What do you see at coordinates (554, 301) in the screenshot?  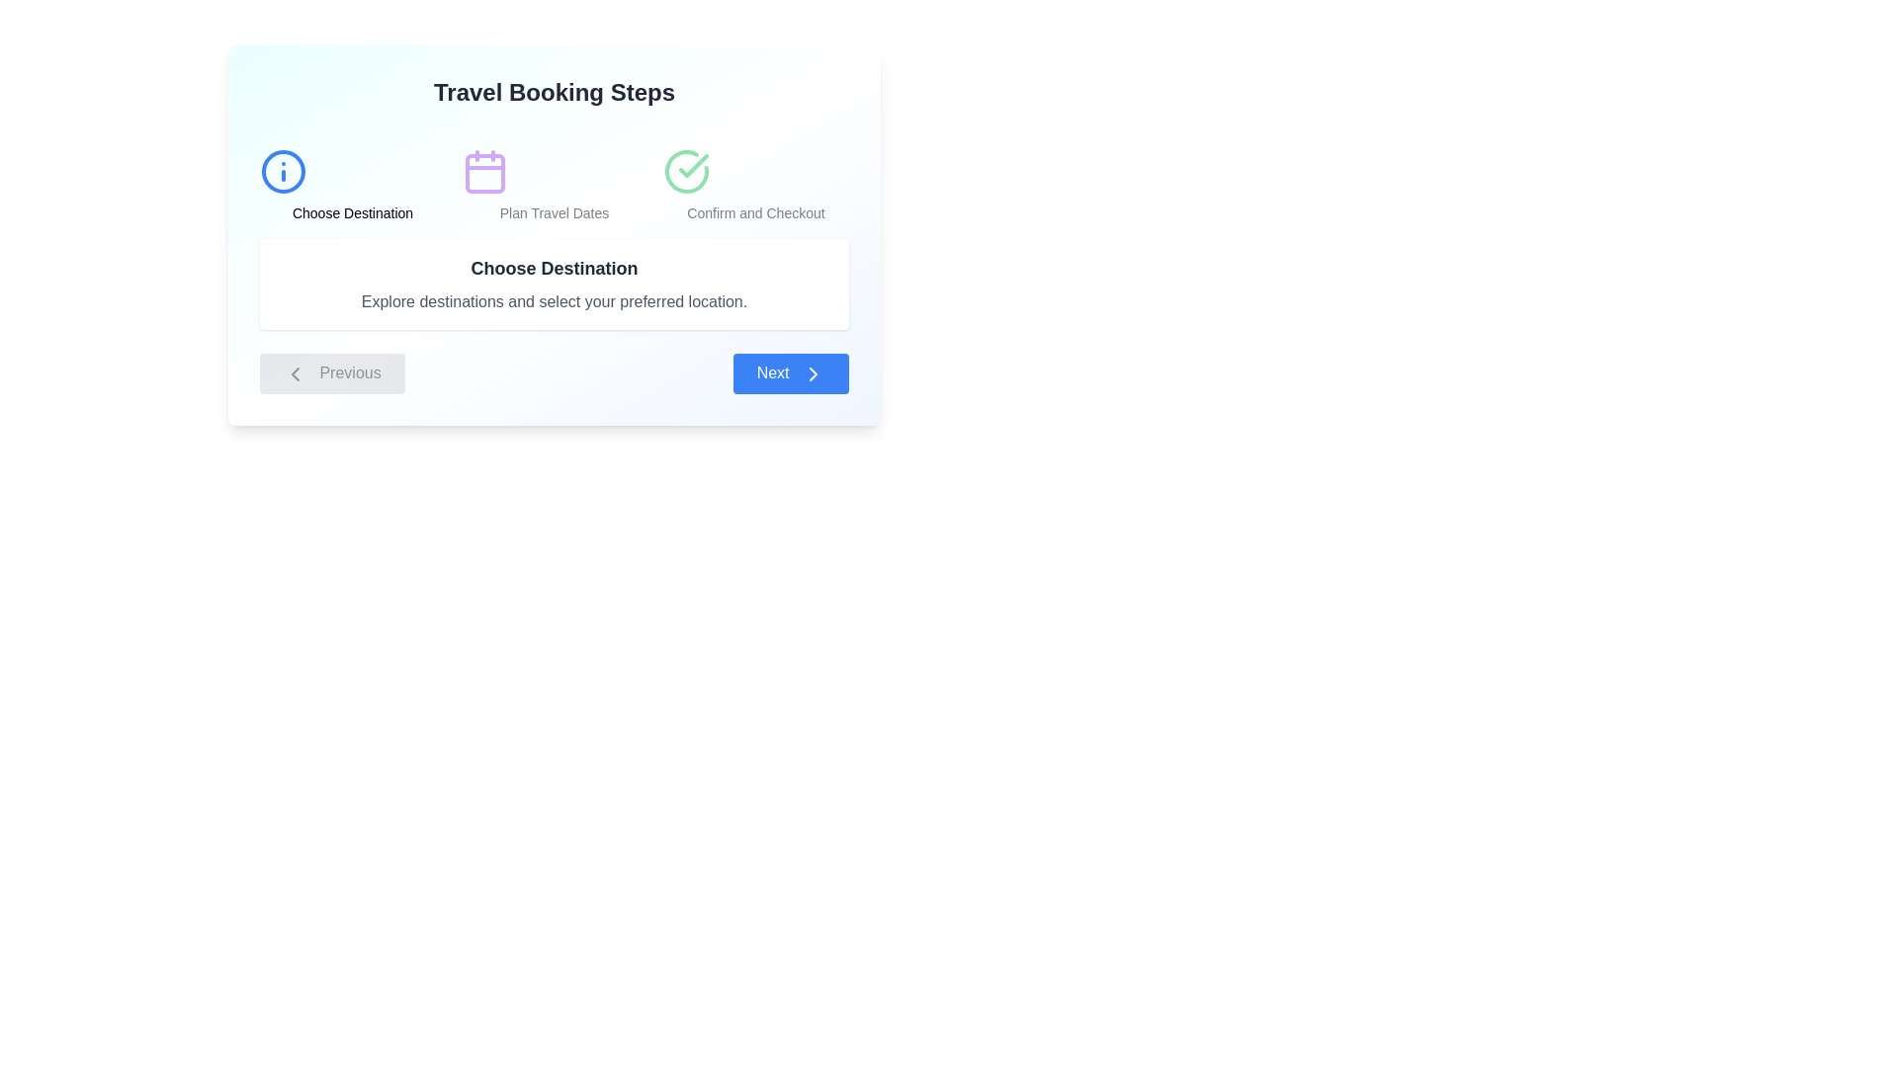 I see `the text label reading 'Explore destinations and select your preferred location.' which is located under the header 'Choose Destination.'` at bounding box center [554, 301].